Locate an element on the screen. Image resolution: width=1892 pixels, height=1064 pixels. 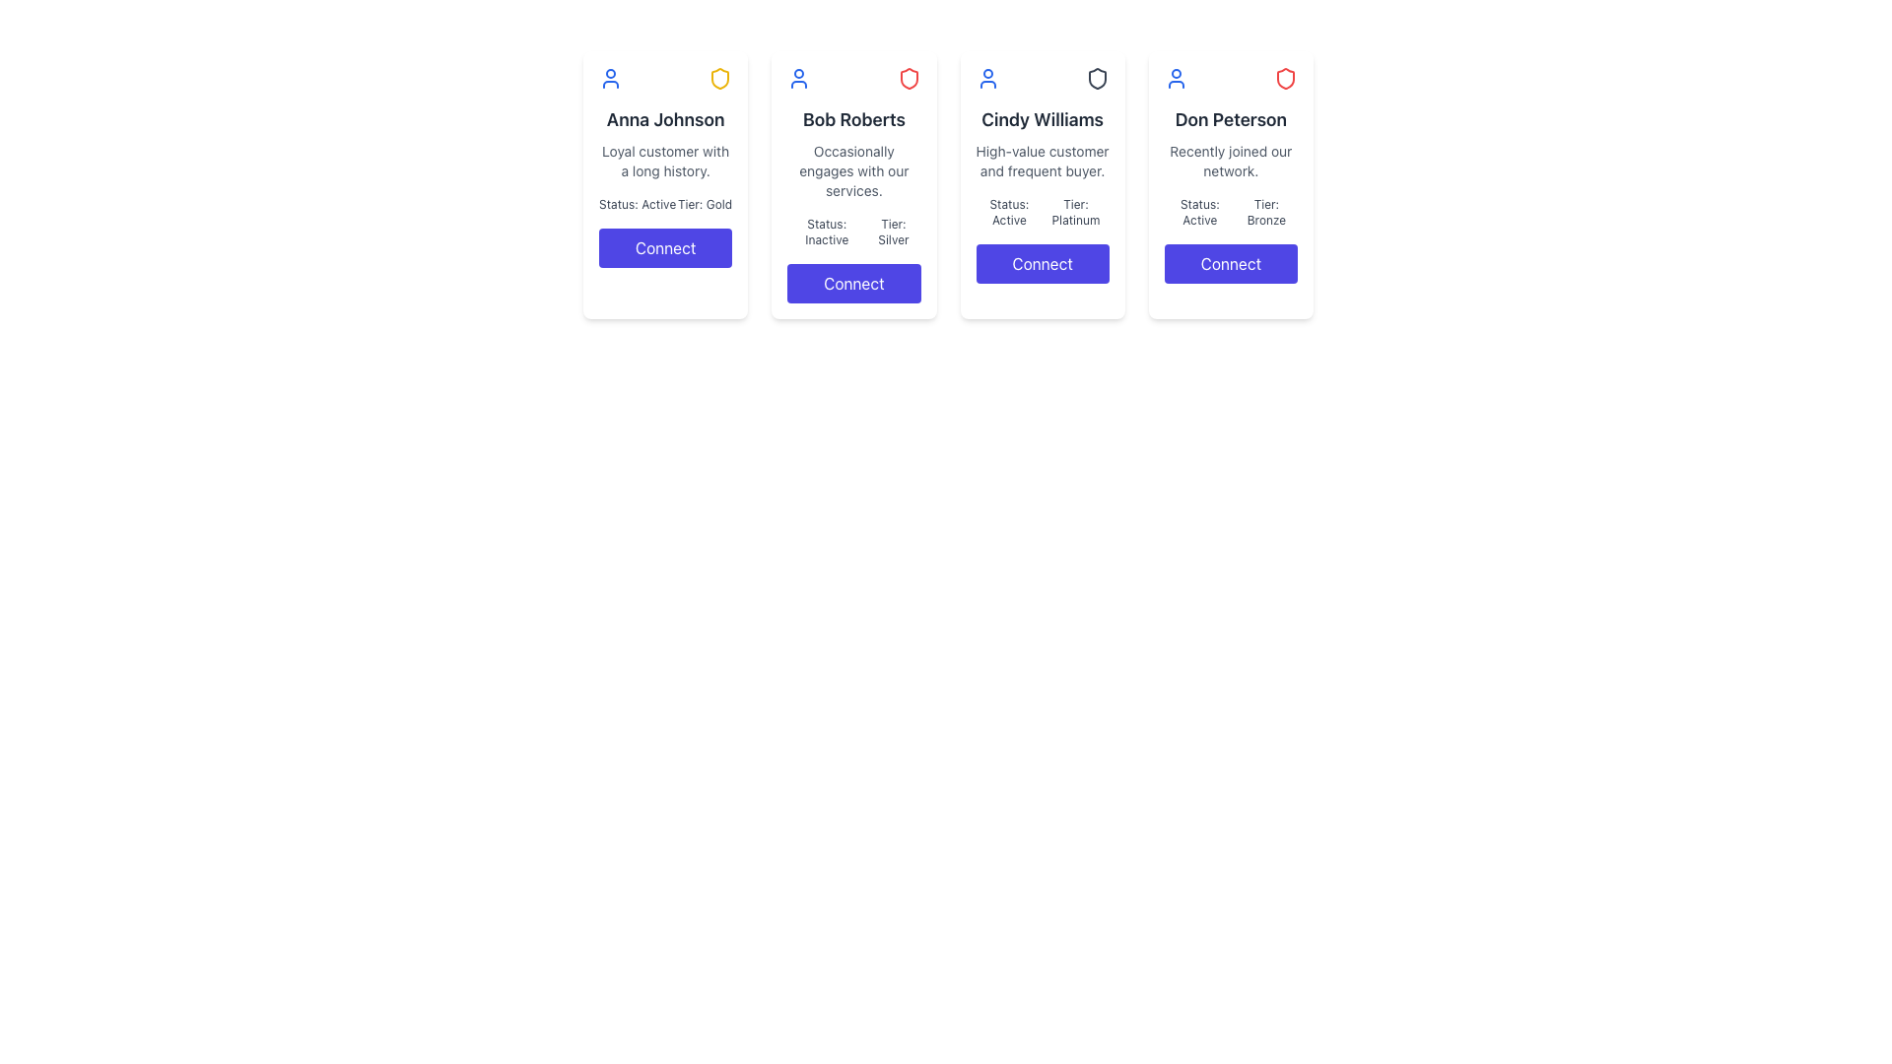
the text label stating 'Tier: Bronze', which is styled in gray and located below 'Status: Active' in the card for 'Don Peterson' is located at coordinates (1266, 213).